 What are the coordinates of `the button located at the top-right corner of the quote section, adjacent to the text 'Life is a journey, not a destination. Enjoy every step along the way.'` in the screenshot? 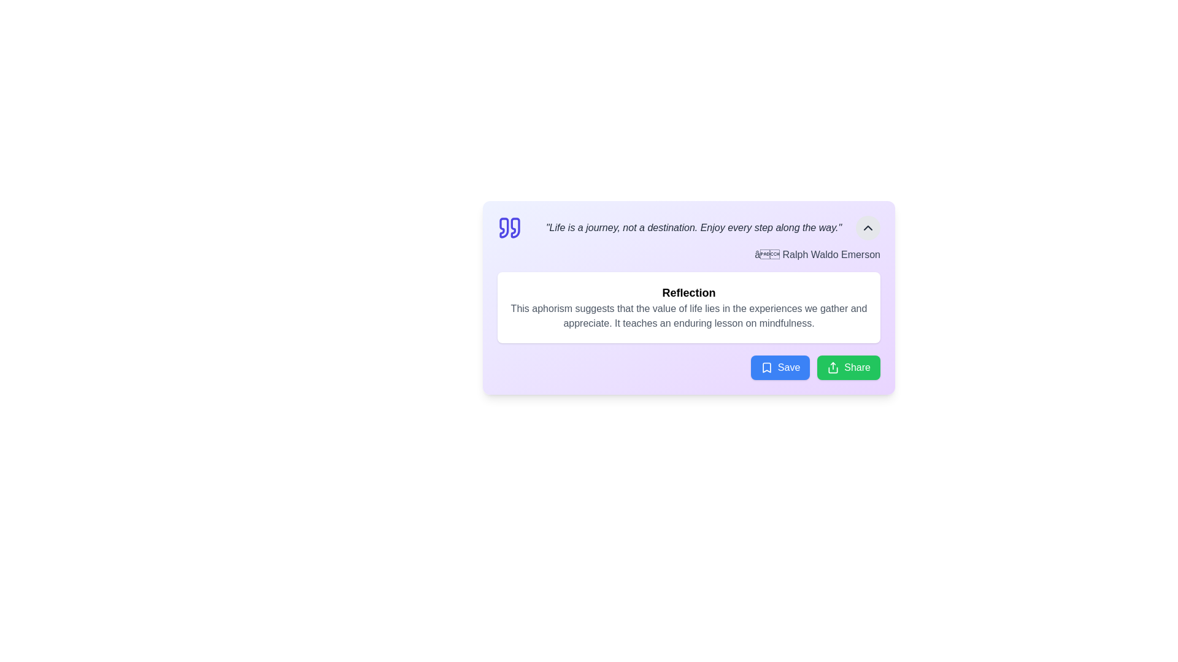 It's located at (868, 227).